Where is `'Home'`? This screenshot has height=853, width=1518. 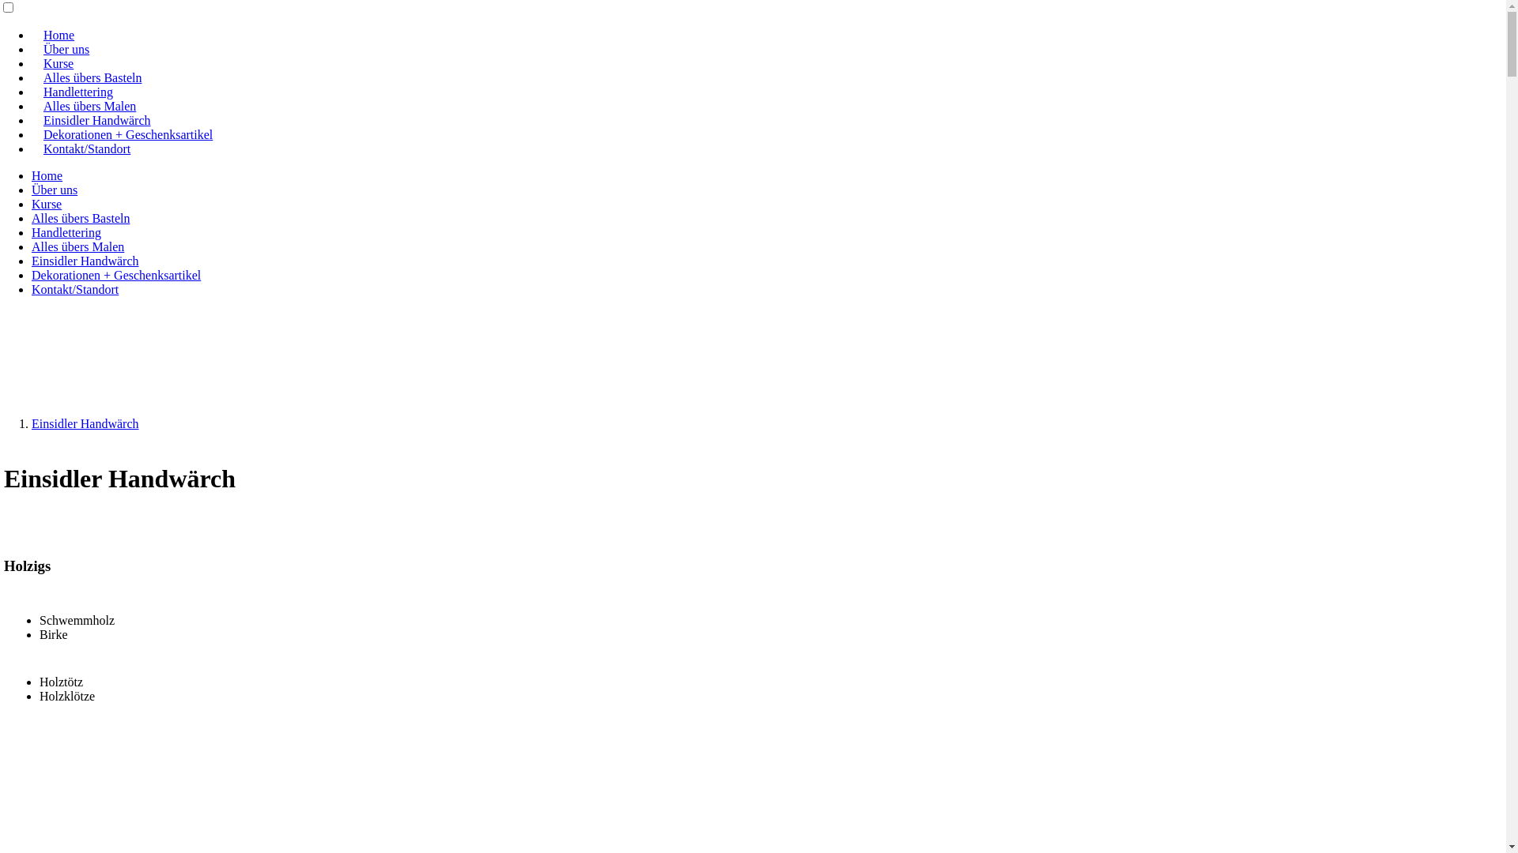
'Home' is located at coordinates (47, 175).